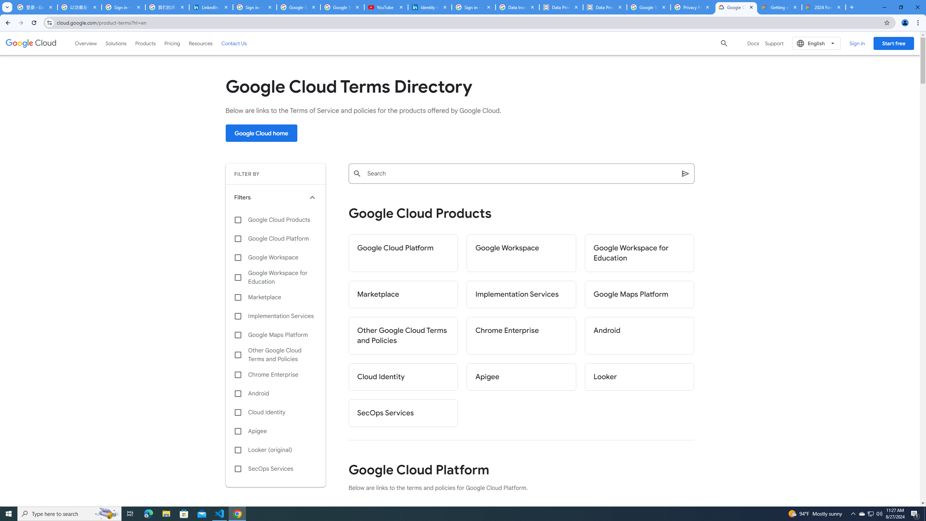 The width and height of the screenshot is (926, 521). I want to click on 'Google Cloud Products', so click(275, 219).